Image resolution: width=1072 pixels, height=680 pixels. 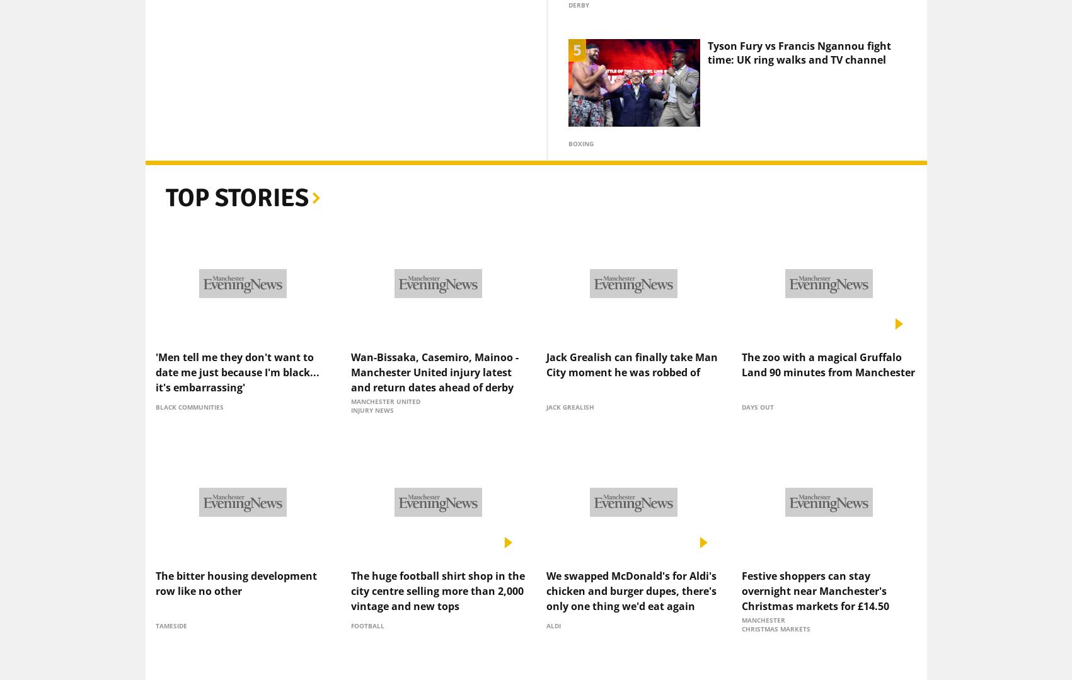 I want to click on 'Jack Grealish', so click(x=569, y=386).